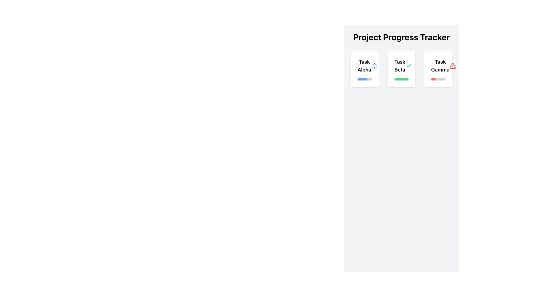 Image resolution: width=541 pixels, height=304 pixels. I want to click on the progress indication of the horizontally aligned Progress Bar at the bottom end of the 'Task Gamma' card, which is light gray with a red segment indicating progress, so click(438, 79).